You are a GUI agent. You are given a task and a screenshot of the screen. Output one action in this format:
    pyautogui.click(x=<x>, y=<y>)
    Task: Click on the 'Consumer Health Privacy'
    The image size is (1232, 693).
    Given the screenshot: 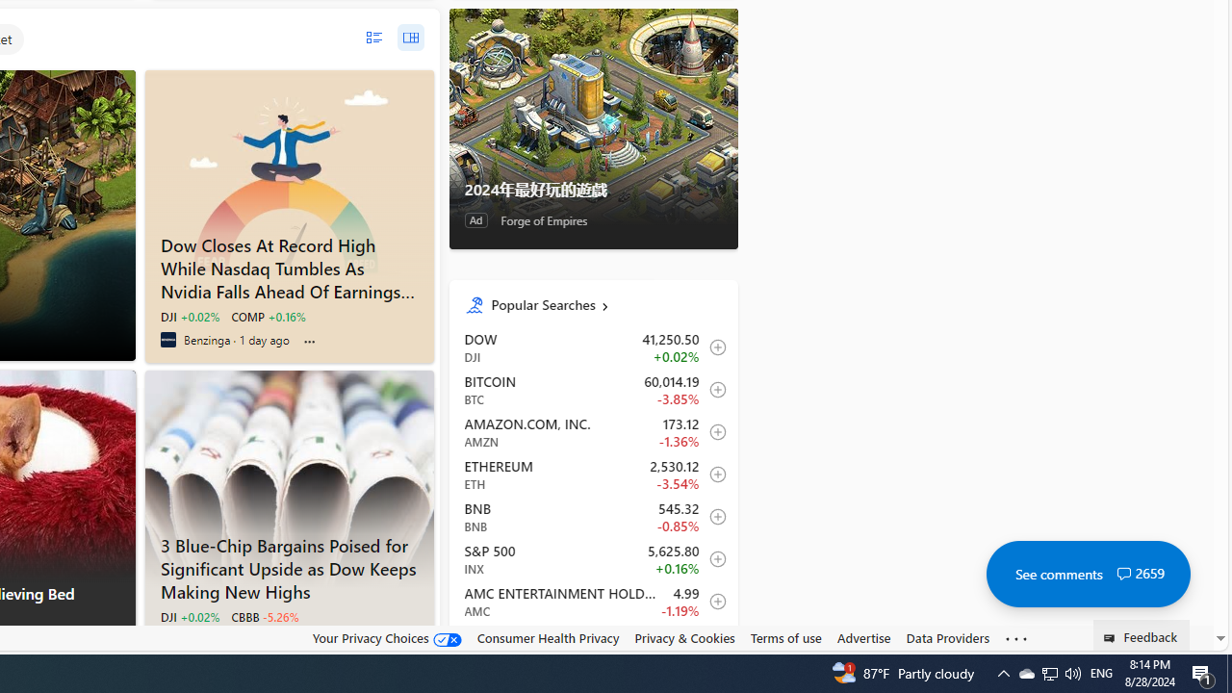 What is the action you would take?
    pyautogui.click(x=547, y=637)
    